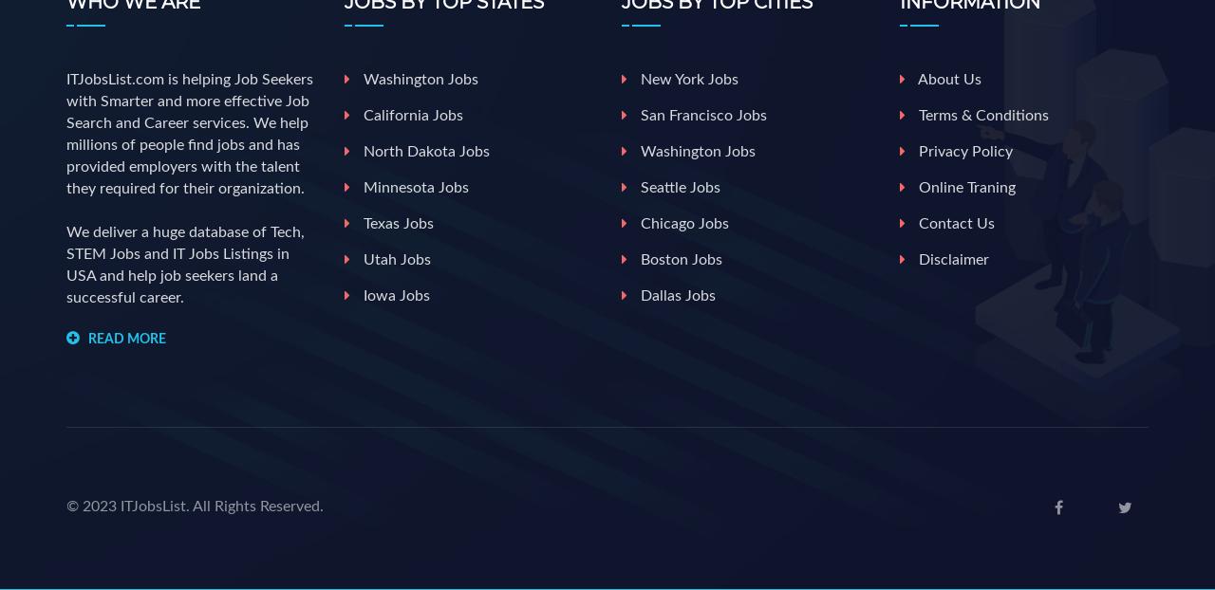  Describe the element at coordinates (66, 505) in the screenshot. I see `'© 2023 ITJobsList. All Rights Reserved.'` at that location.